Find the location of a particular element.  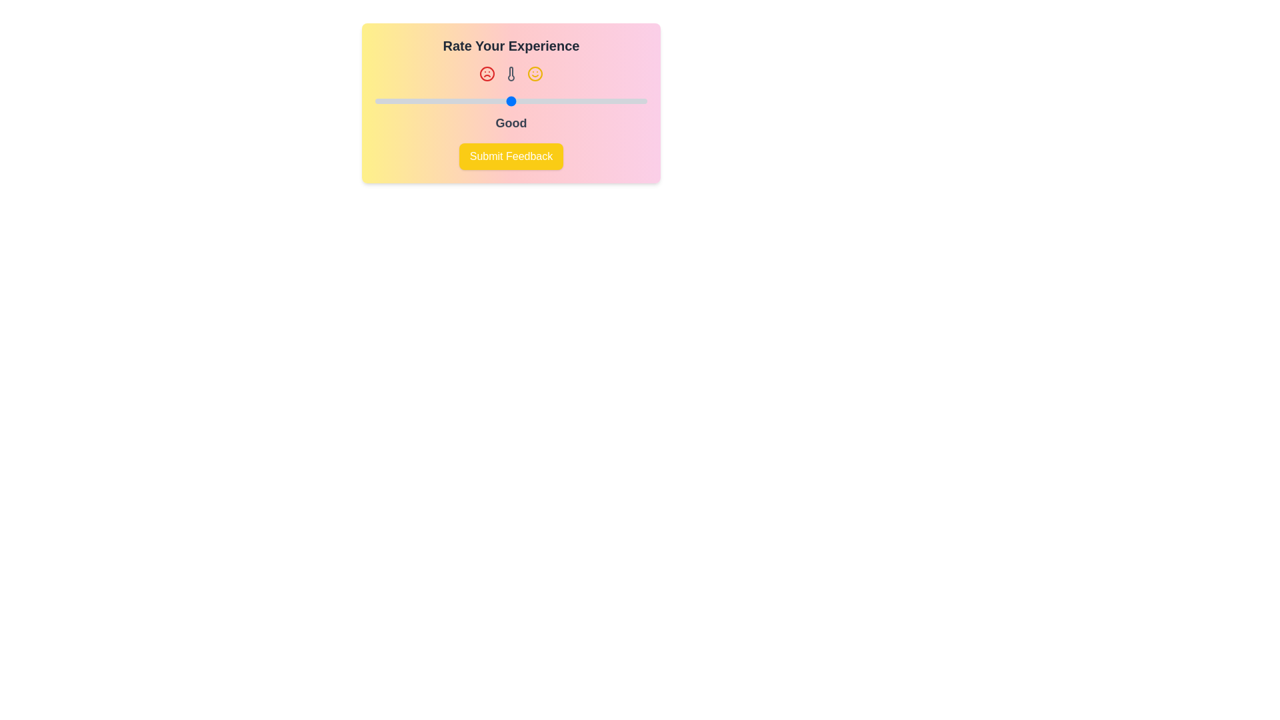

the slider to set the rating to 4 is located at coordinates (579, 100).